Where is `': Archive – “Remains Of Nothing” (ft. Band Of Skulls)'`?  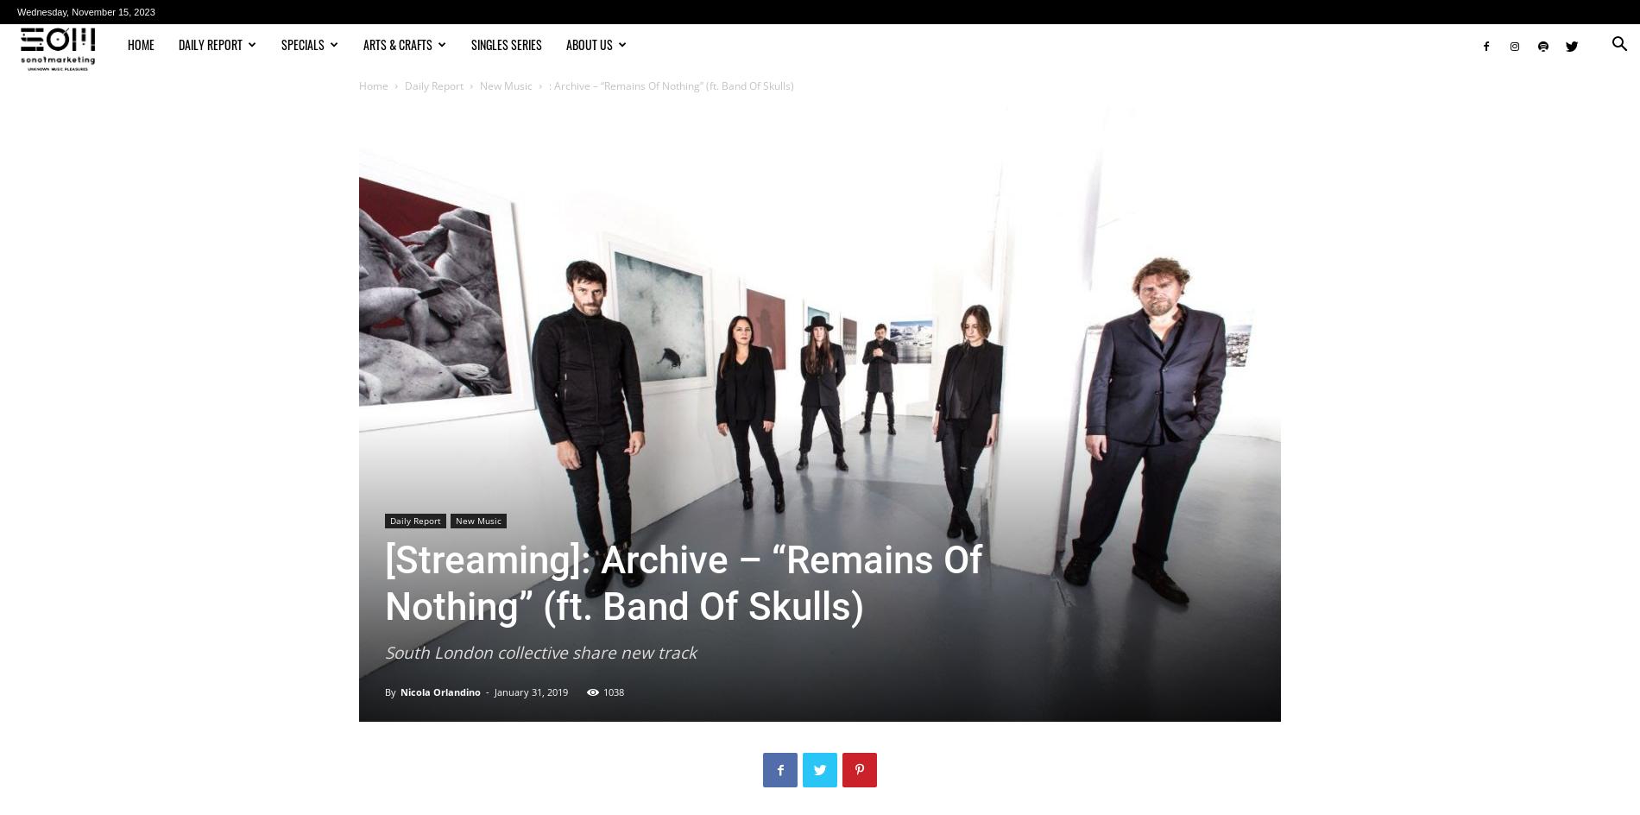
': Archive – “Remains Of Nothing” (ft. Band Of Skulls)' is located at coordinates (671, 85).